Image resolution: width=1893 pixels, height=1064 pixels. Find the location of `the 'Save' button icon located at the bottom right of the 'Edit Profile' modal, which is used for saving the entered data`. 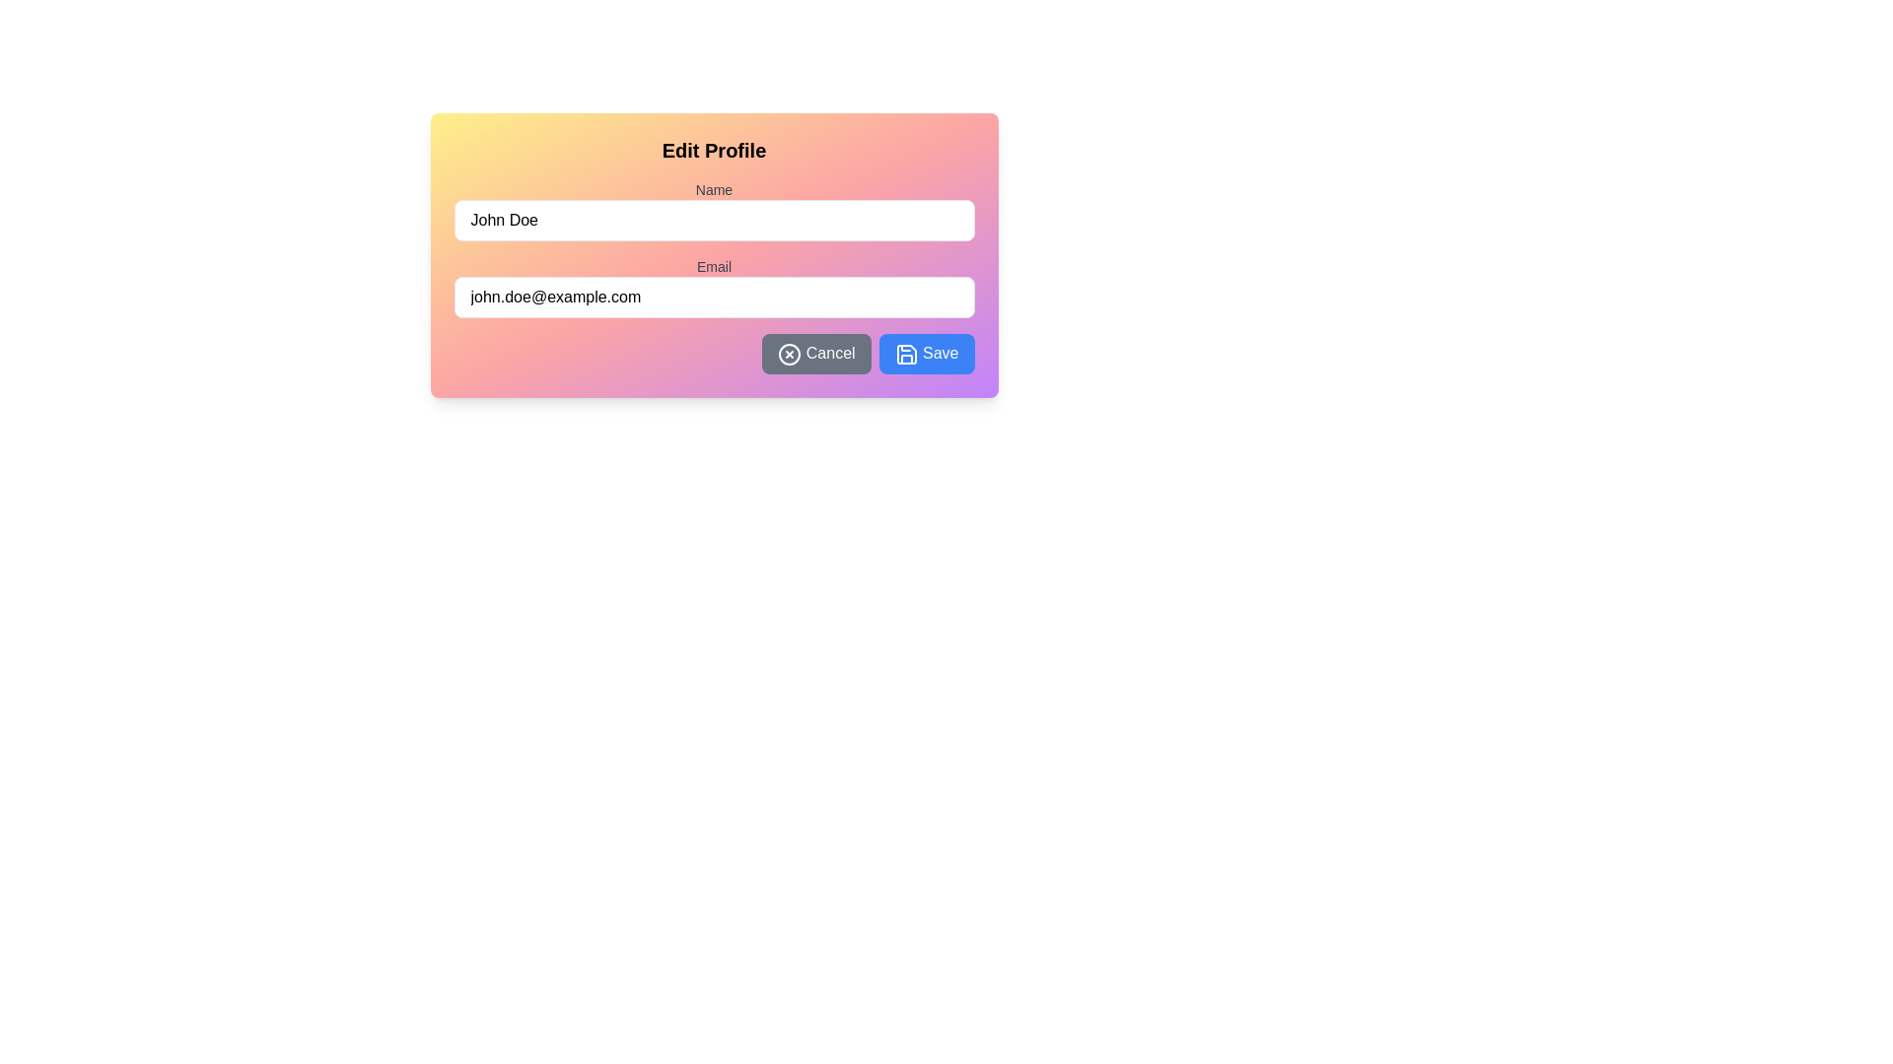

the 'Save' button icon located at the bottom right of the 'Edit Profile' modal, which is used for saving the entered data is located at coordinates (905, 353).